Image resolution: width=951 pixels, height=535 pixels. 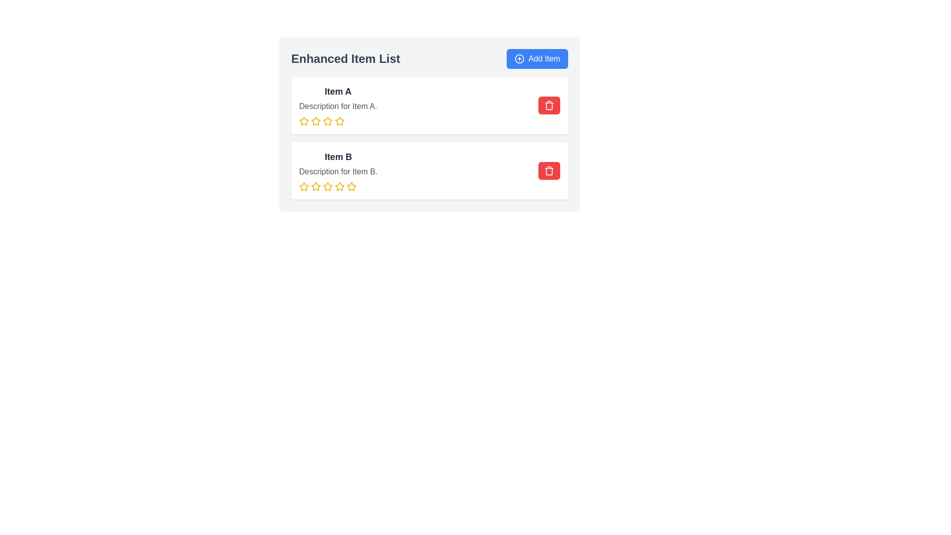 What do you see at coordinates (548, 170) in the screenshot?
I see `the red button with a white trash can icon located to the far right of 'Item B'` at bounding box center [548, 170].